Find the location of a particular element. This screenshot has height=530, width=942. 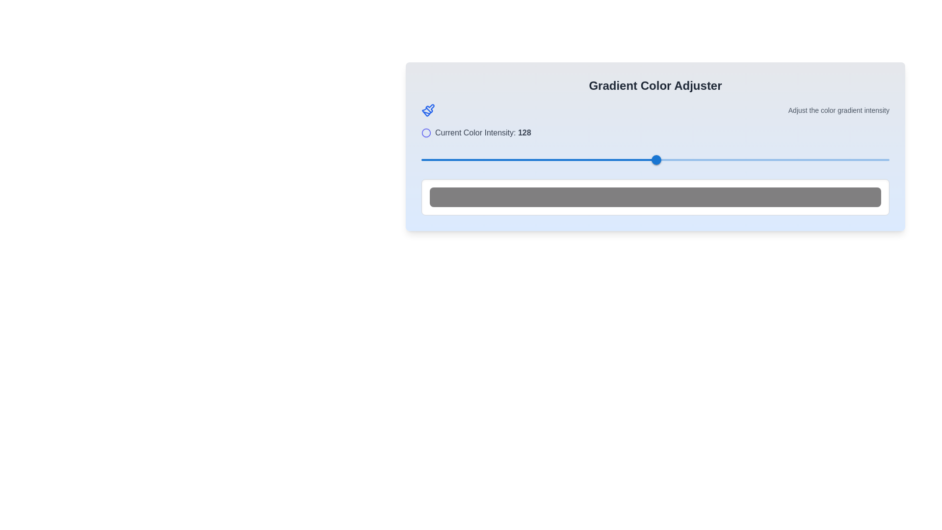

the gradient color intensity is located at coordinates (561, 159).